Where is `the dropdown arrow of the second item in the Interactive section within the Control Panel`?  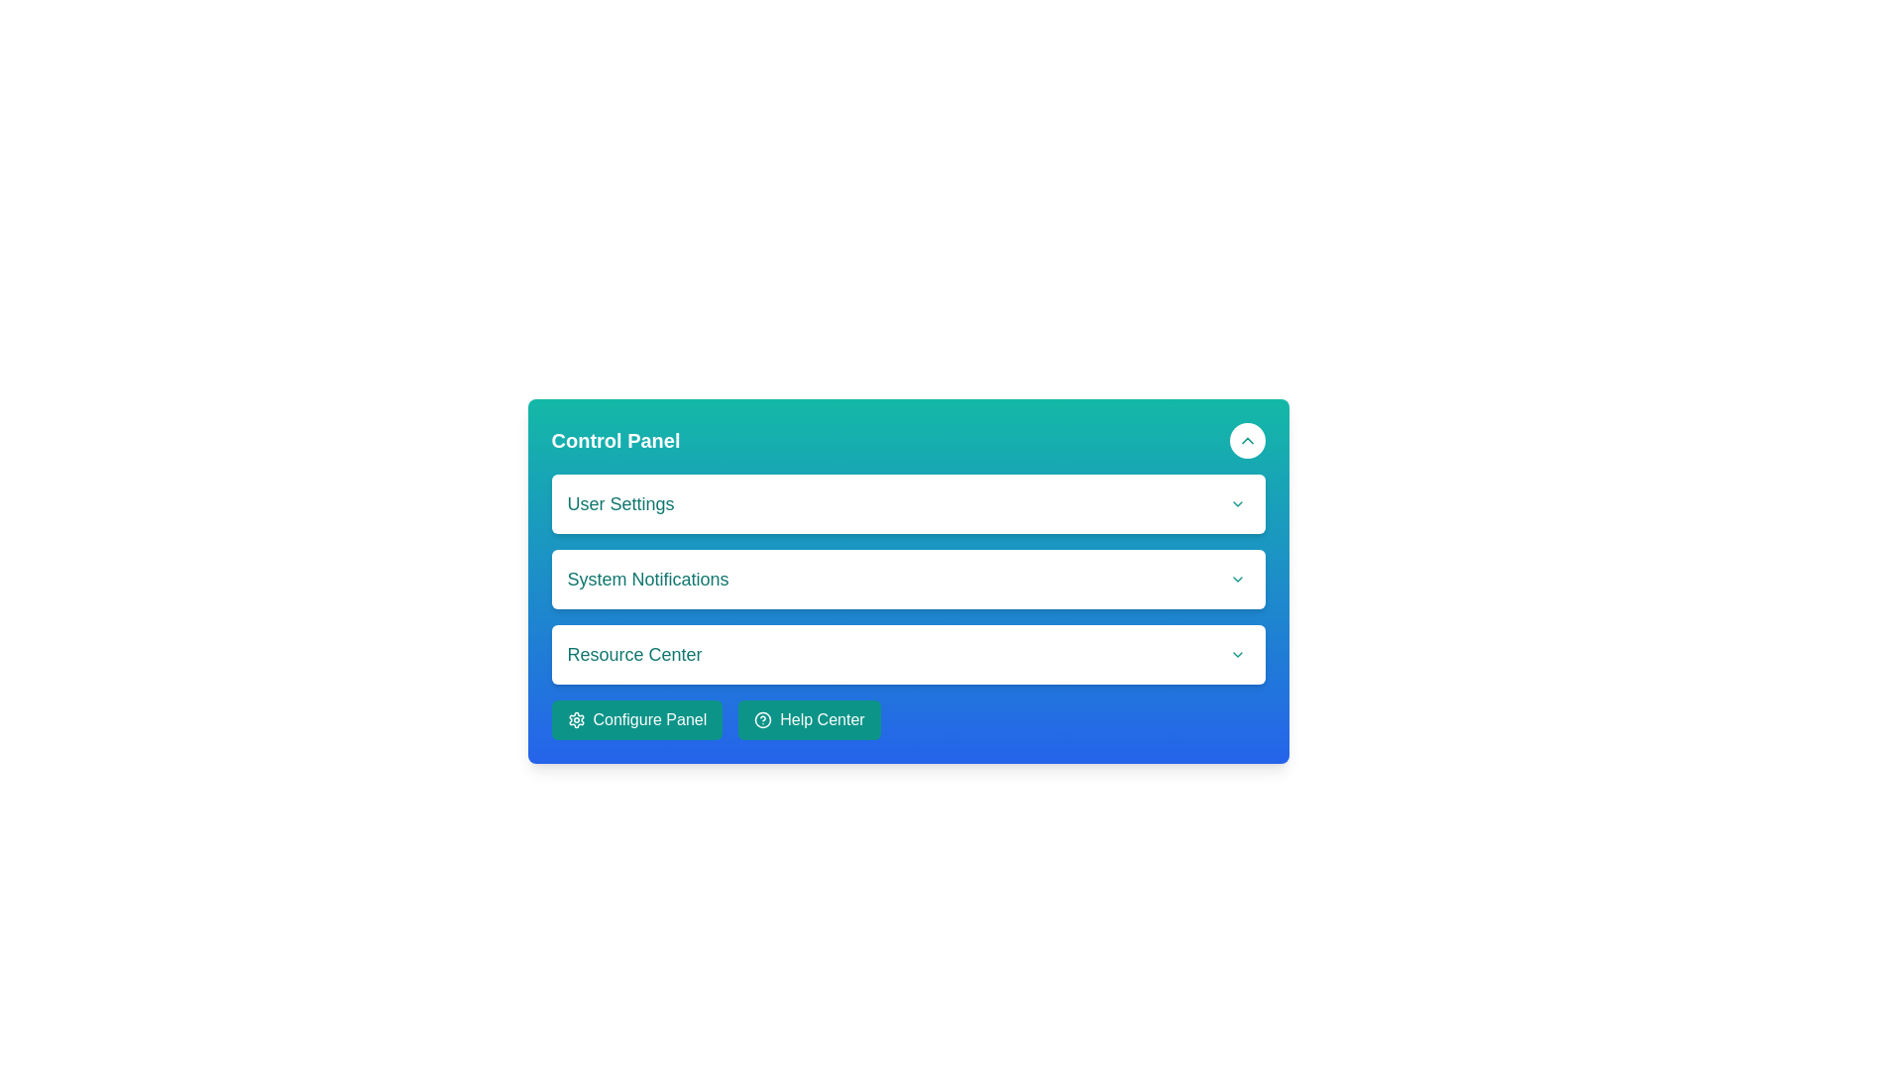 the dropdown arrow of the second item in the Interactive section within the Control Panel is located at coordinates (907, 580).